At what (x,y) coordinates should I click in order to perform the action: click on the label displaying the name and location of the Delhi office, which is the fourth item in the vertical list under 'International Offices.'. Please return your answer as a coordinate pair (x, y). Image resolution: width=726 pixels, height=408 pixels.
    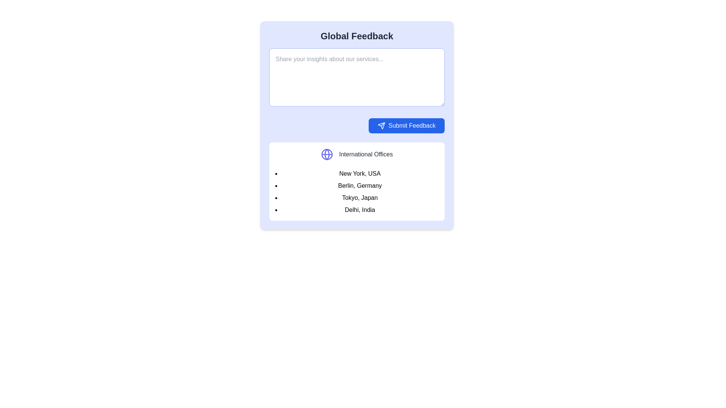
    Looking at the image, I should click on (359, 210).